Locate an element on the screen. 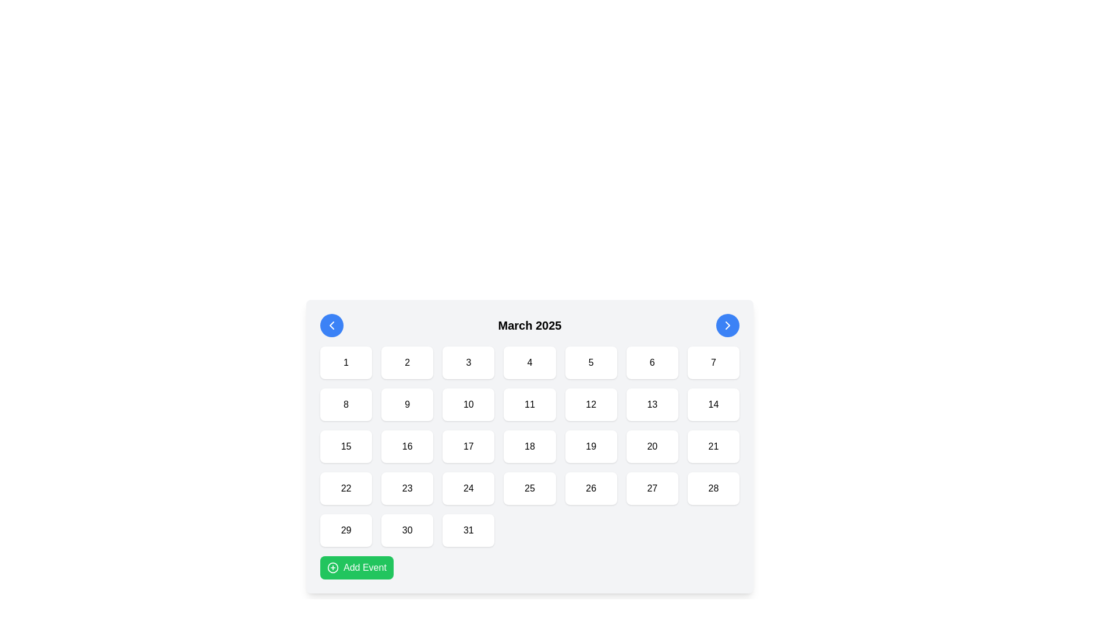 This screenshot has height=629, width=1118. the tile representing the date '19' in the March 2025 calendar grid is located at coordinates (590, 446).